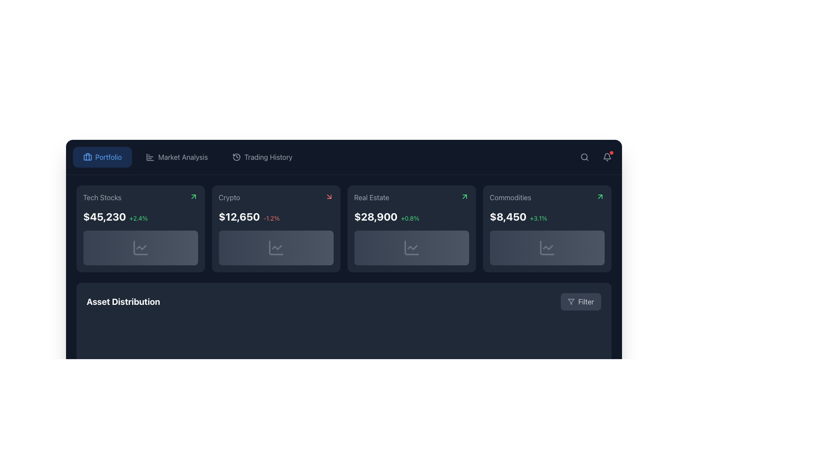 This screenshot has width=834, height=469. What do you see at coordinates (606, 157) in the screenshot?
I see `the bell-shaped icon with a gray outline located in the top-right corner of the interface` at bounding box center [606, 157].